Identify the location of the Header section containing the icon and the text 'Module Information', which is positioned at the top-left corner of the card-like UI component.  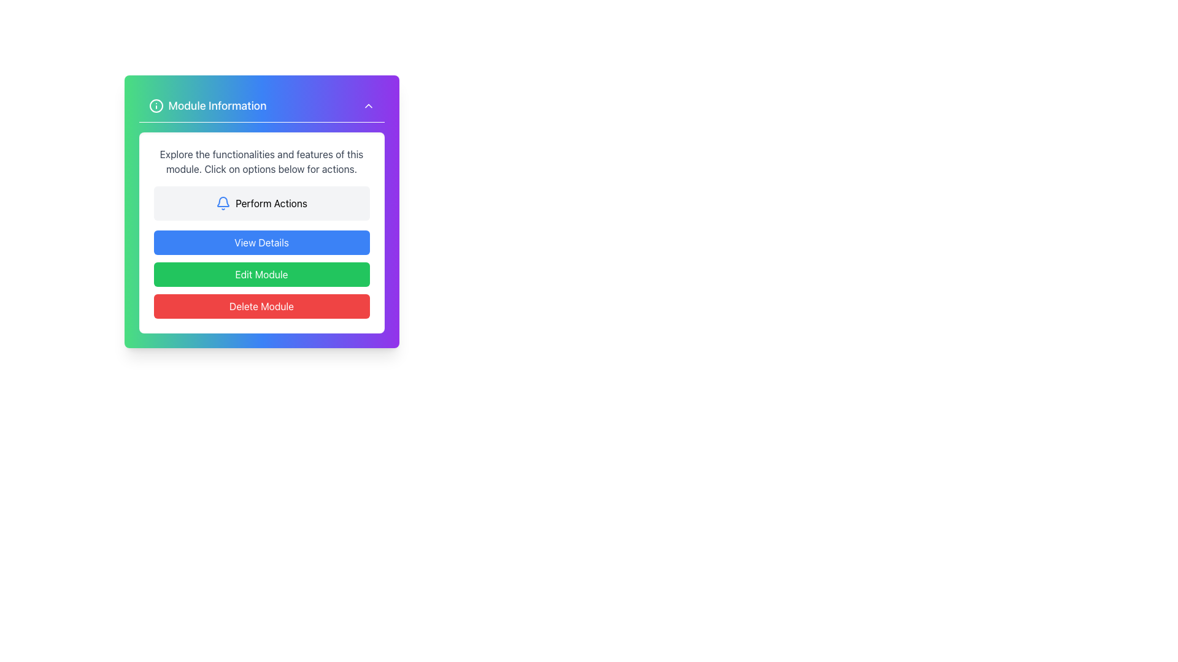
(207, 105).